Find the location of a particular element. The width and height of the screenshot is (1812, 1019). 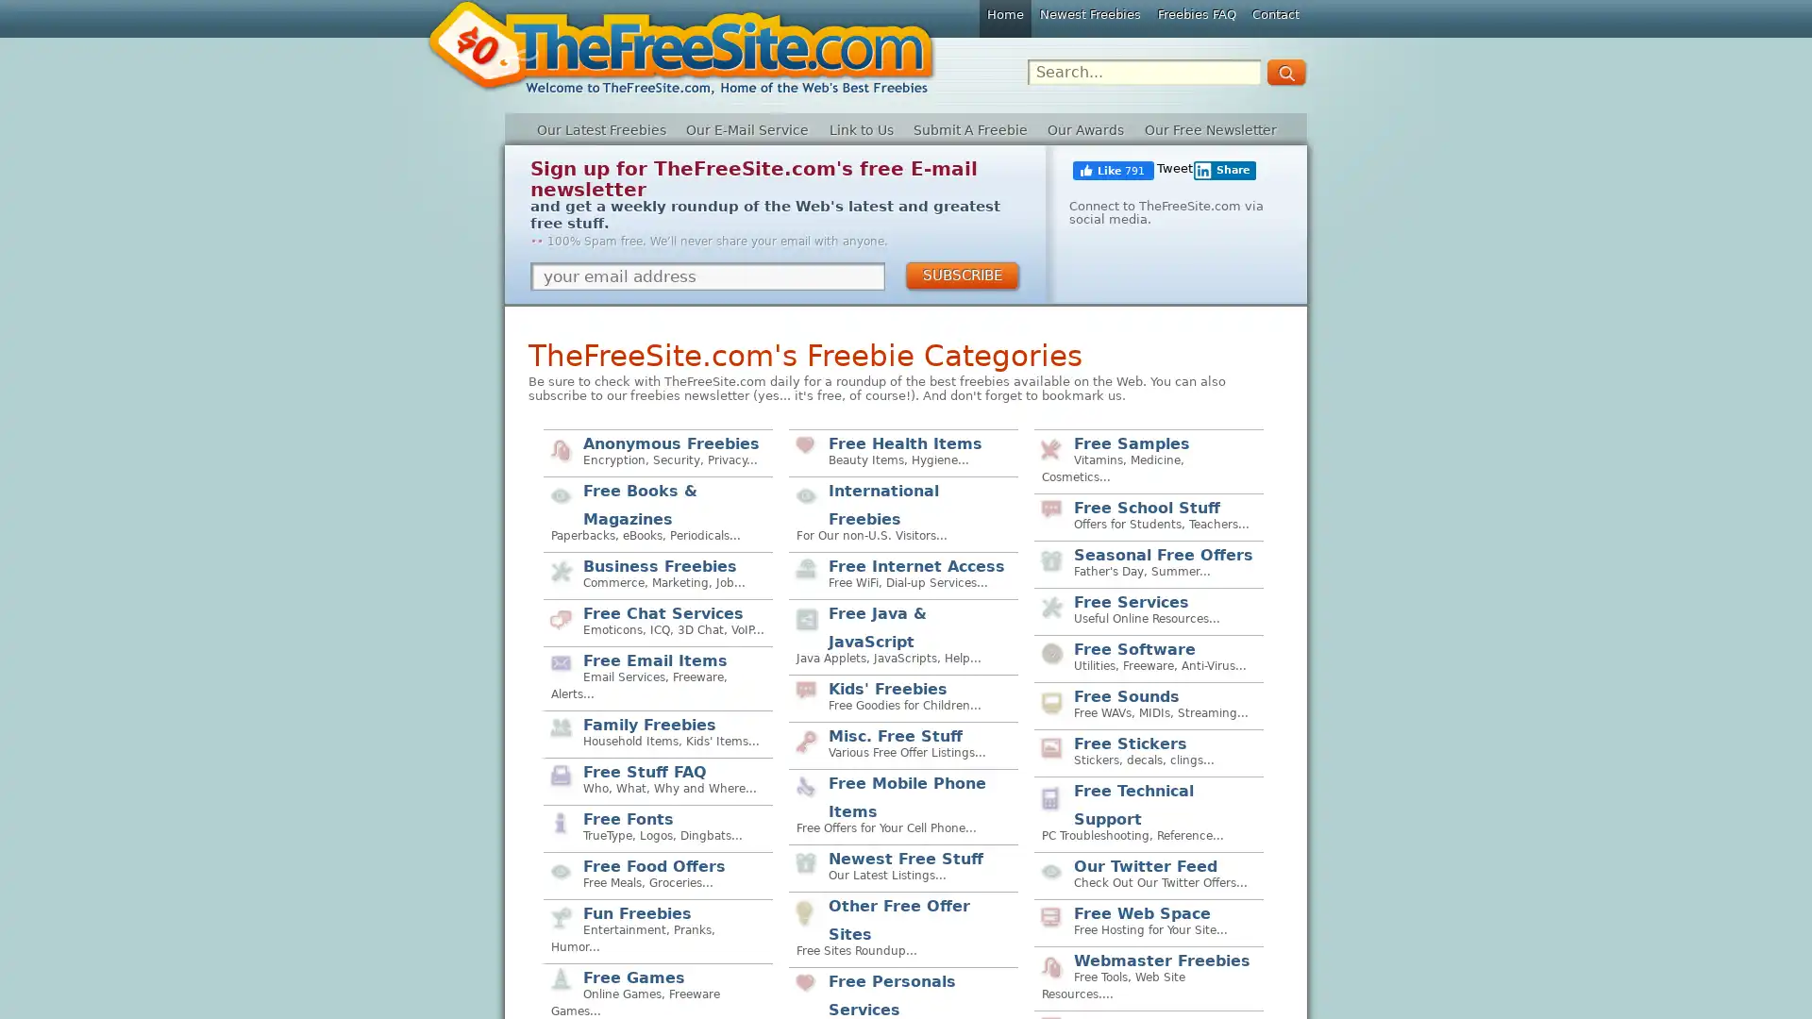

GO is located at coordinates (1285, 71).